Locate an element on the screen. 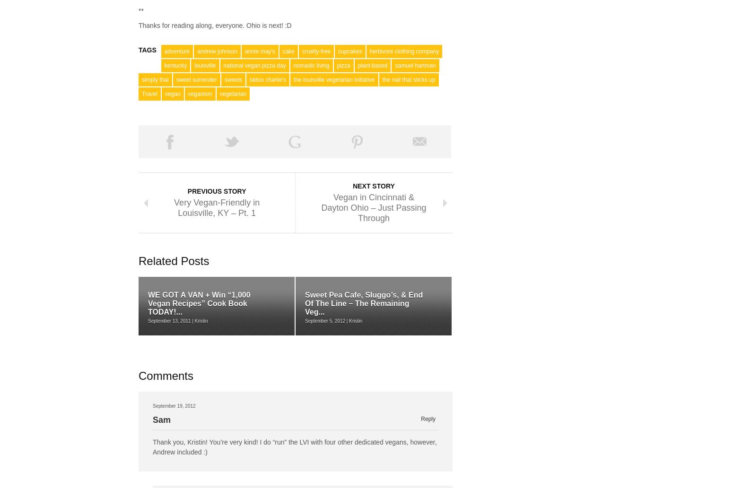 Image resolution: width=733 pixels, height=488 pixels. 'sweets' is located at coordinates (233, 79).